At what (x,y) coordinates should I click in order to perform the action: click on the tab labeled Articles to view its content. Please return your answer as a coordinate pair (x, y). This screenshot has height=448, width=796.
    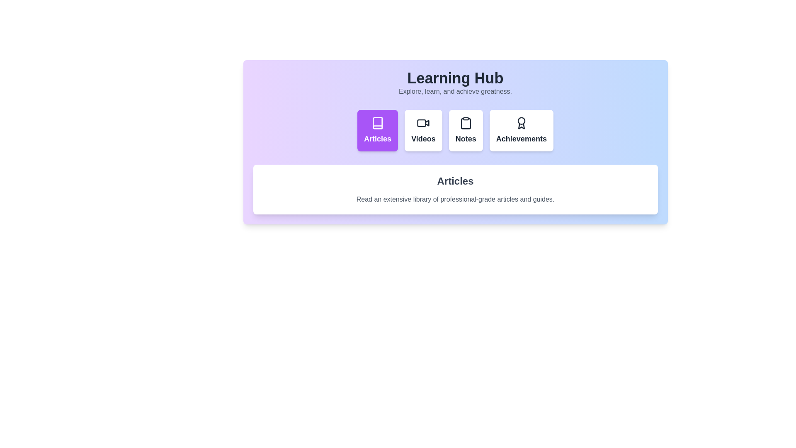
    Looking at the image, I should click on (377, 131).